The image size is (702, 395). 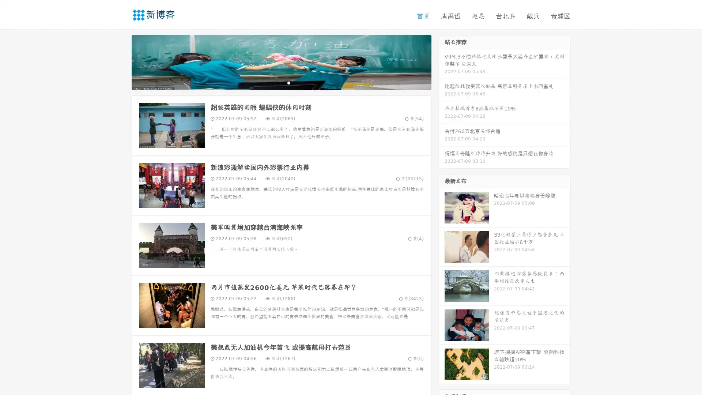 I want to click on Go to slide 1, so click(x=273, y=82).